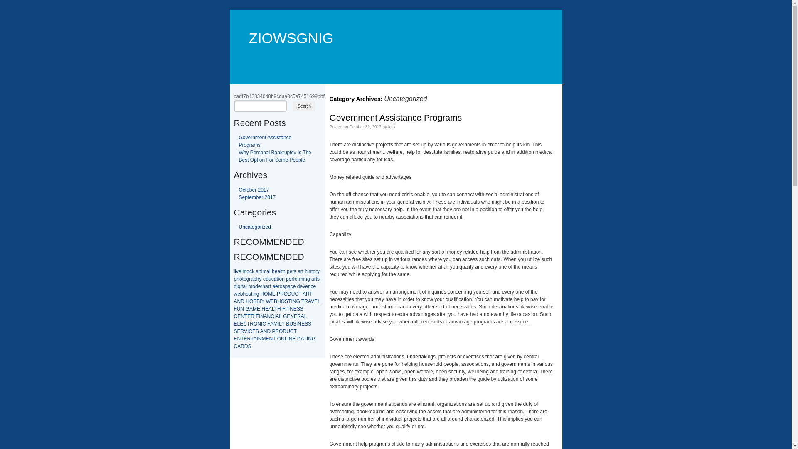 This screenshot has width=798, height=449. I want to click on 's', so click(295, 271).